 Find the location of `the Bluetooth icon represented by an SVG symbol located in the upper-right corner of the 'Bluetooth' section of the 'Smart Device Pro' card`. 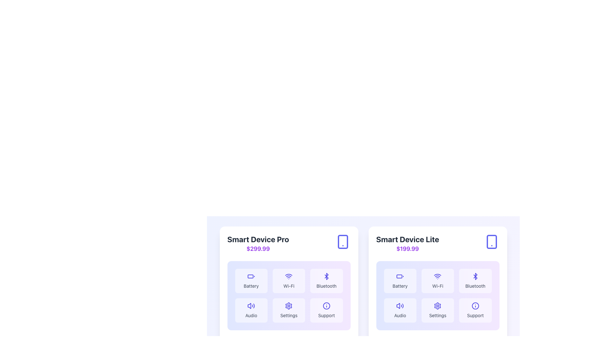

the Bluetooth icon represented by an SVG symbol located in the upper-right corner of the 'Bluetooth' section of the 'Smart Device Pro' card is located at coordinates (326, 276).